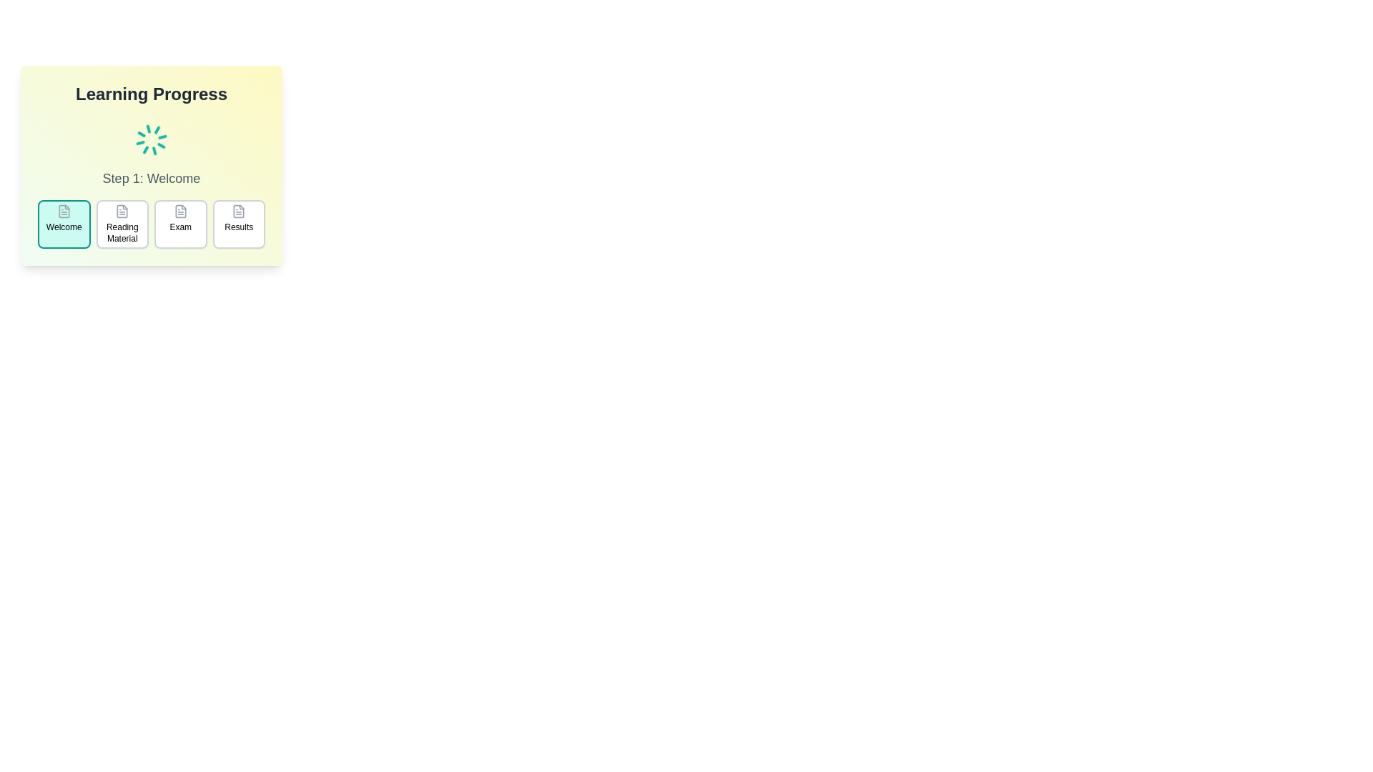 This screenshot has height=772, width=1373. What do you see at coordinates (63, 224) in the screenshot?
I see `the 'Welcome' button, which is located in the first column beneath the 'Learning Progress' heading` at bounding box center [63, 224].